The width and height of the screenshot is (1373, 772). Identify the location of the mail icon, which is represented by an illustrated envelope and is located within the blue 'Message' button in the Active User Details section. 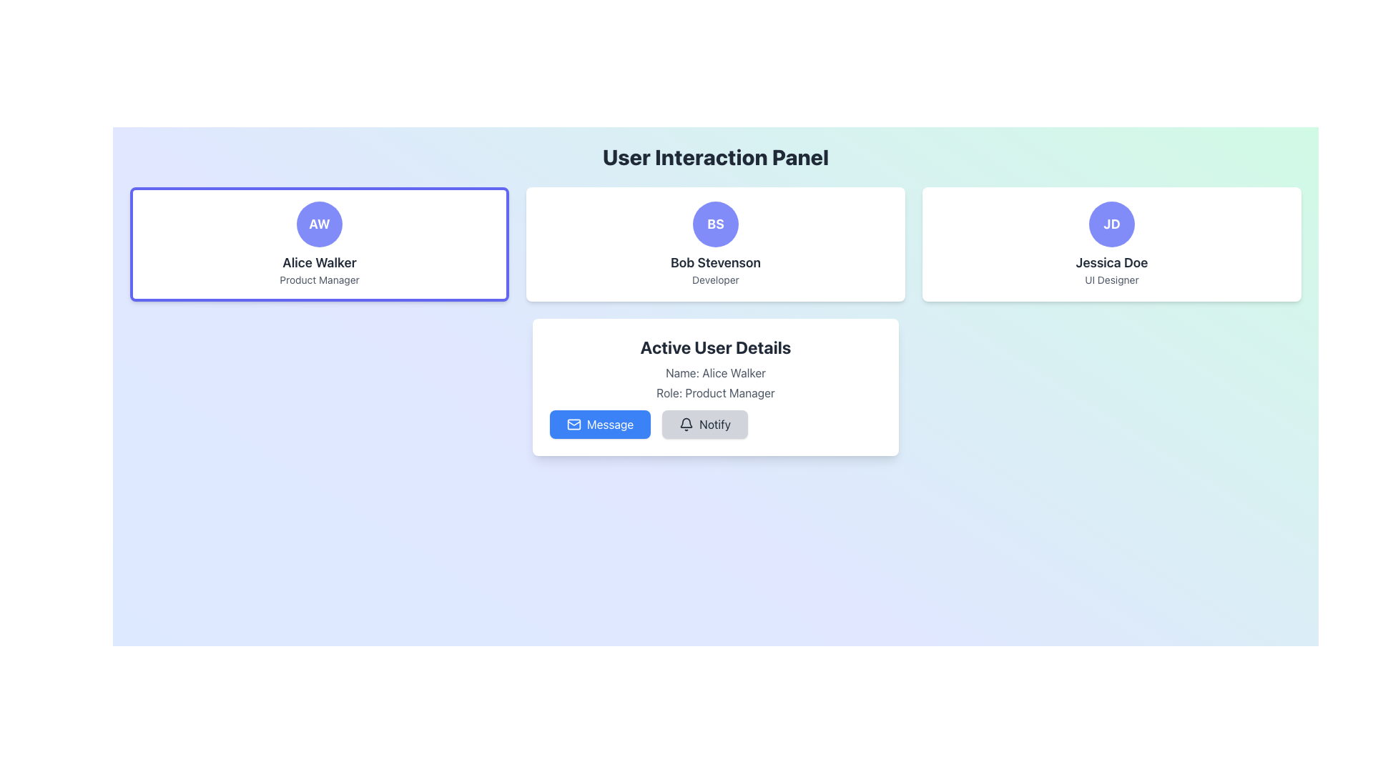
(574, 424).